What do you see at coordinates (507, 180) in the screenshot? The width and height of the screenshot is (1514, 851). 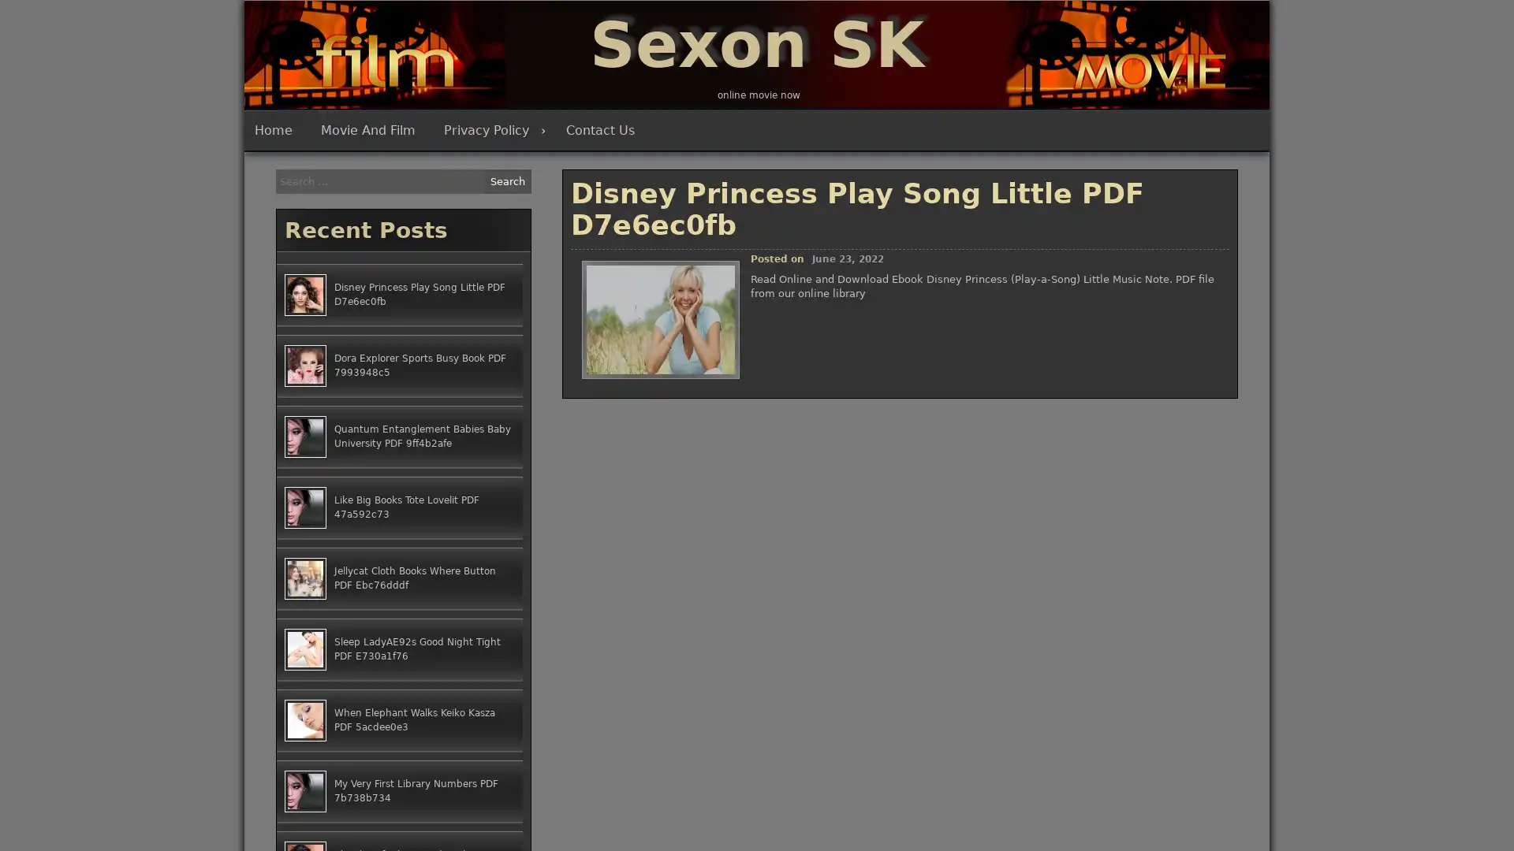 I see `Search` at bounding box center [507, 180].